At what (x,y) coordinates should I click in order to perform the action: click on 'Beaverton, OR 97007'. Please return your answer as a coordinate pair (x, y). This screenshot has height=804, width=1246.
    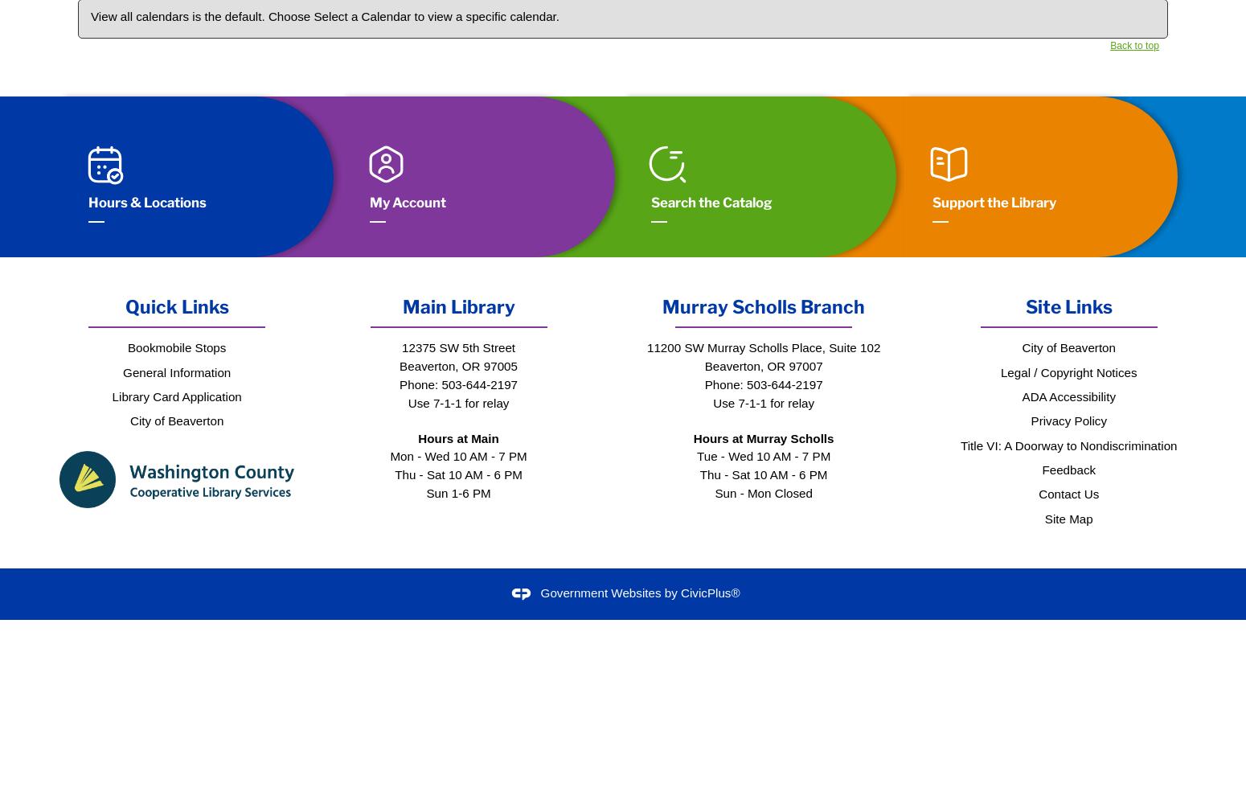
    Looking at the image, I should click on (762, 364).